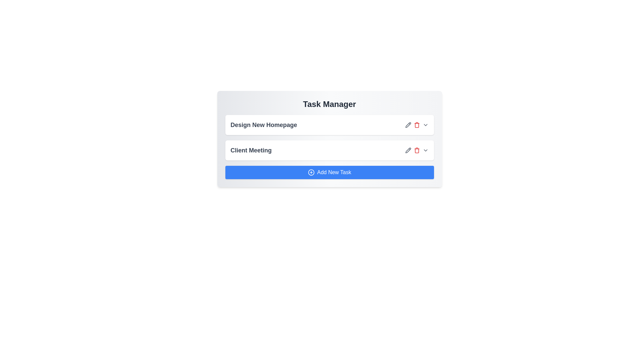  Describe the element at coordinates (416, 150) in the screenshot. I see `the delete button for the task titled 'Client Meeting'` at that location.